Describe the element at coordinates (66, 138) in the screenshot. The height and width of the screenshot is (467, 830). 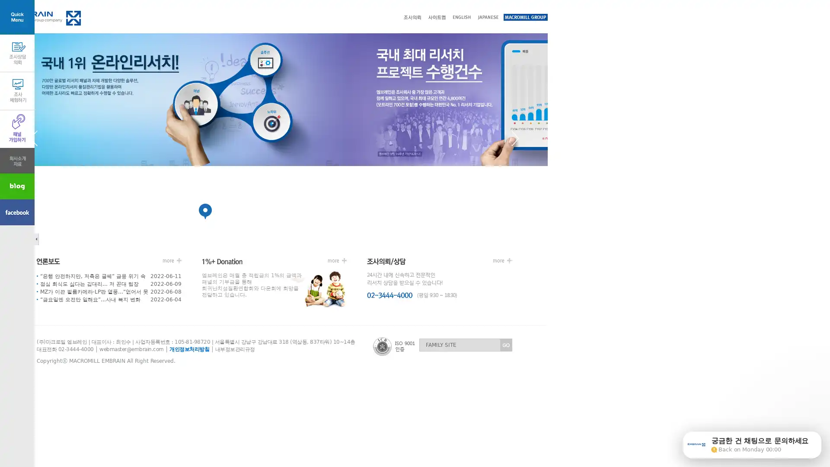
I see `Previous` at that location.